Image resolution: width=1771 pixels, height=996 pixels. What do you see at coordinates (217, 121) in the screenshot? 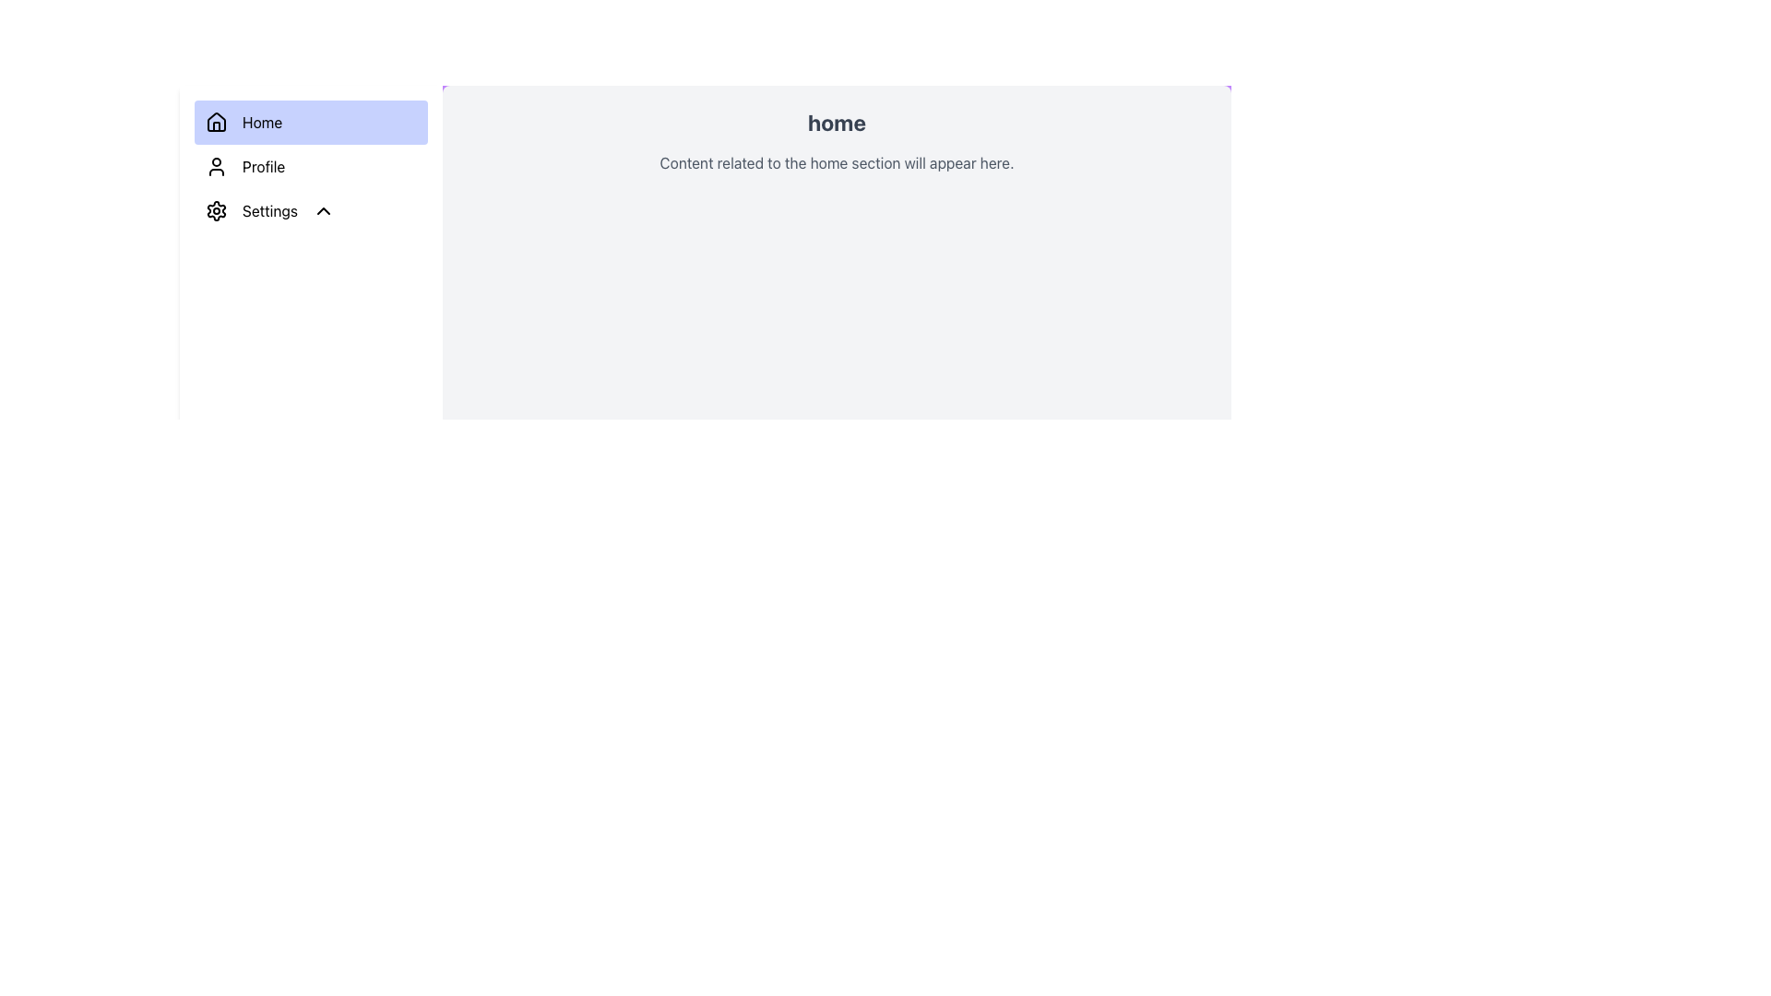
I see `the house outline icon located within the 'Home' button in the top left navigation bar` at bounding box center [217, 121].